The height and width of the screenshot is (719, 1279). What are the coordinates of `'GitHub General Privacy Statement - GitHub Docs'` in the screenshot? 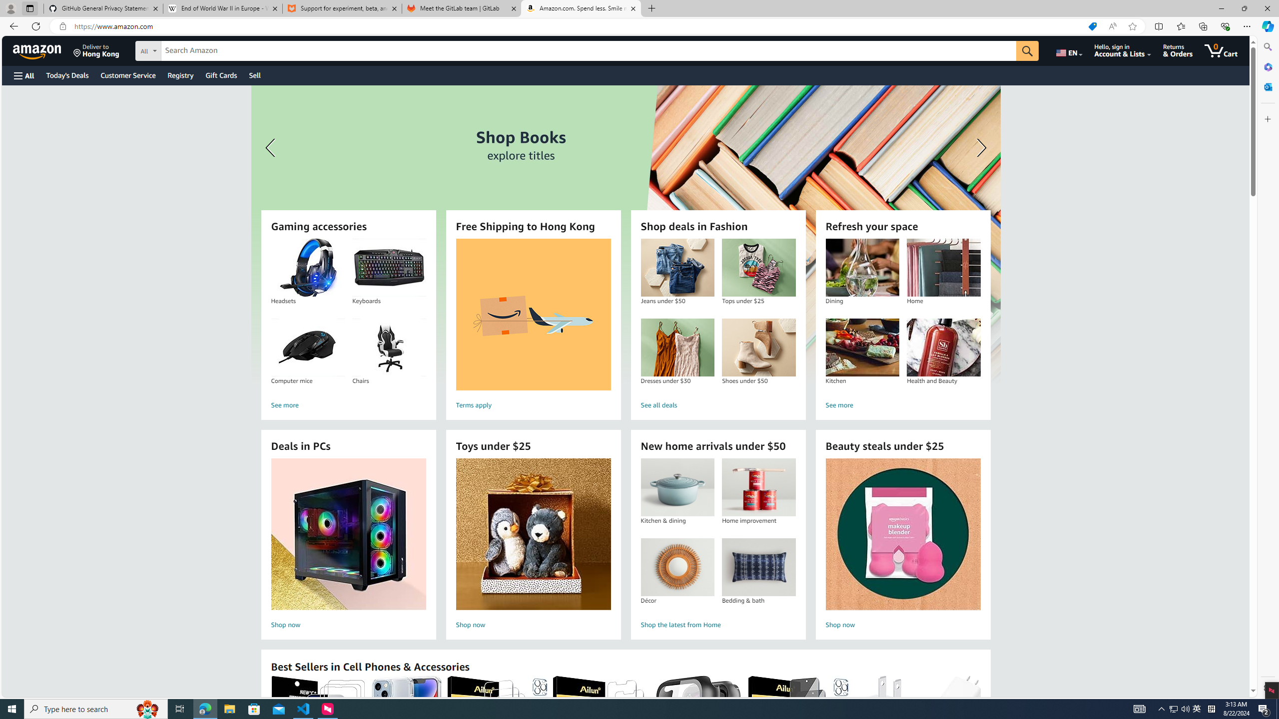 It's located at (103, 8).